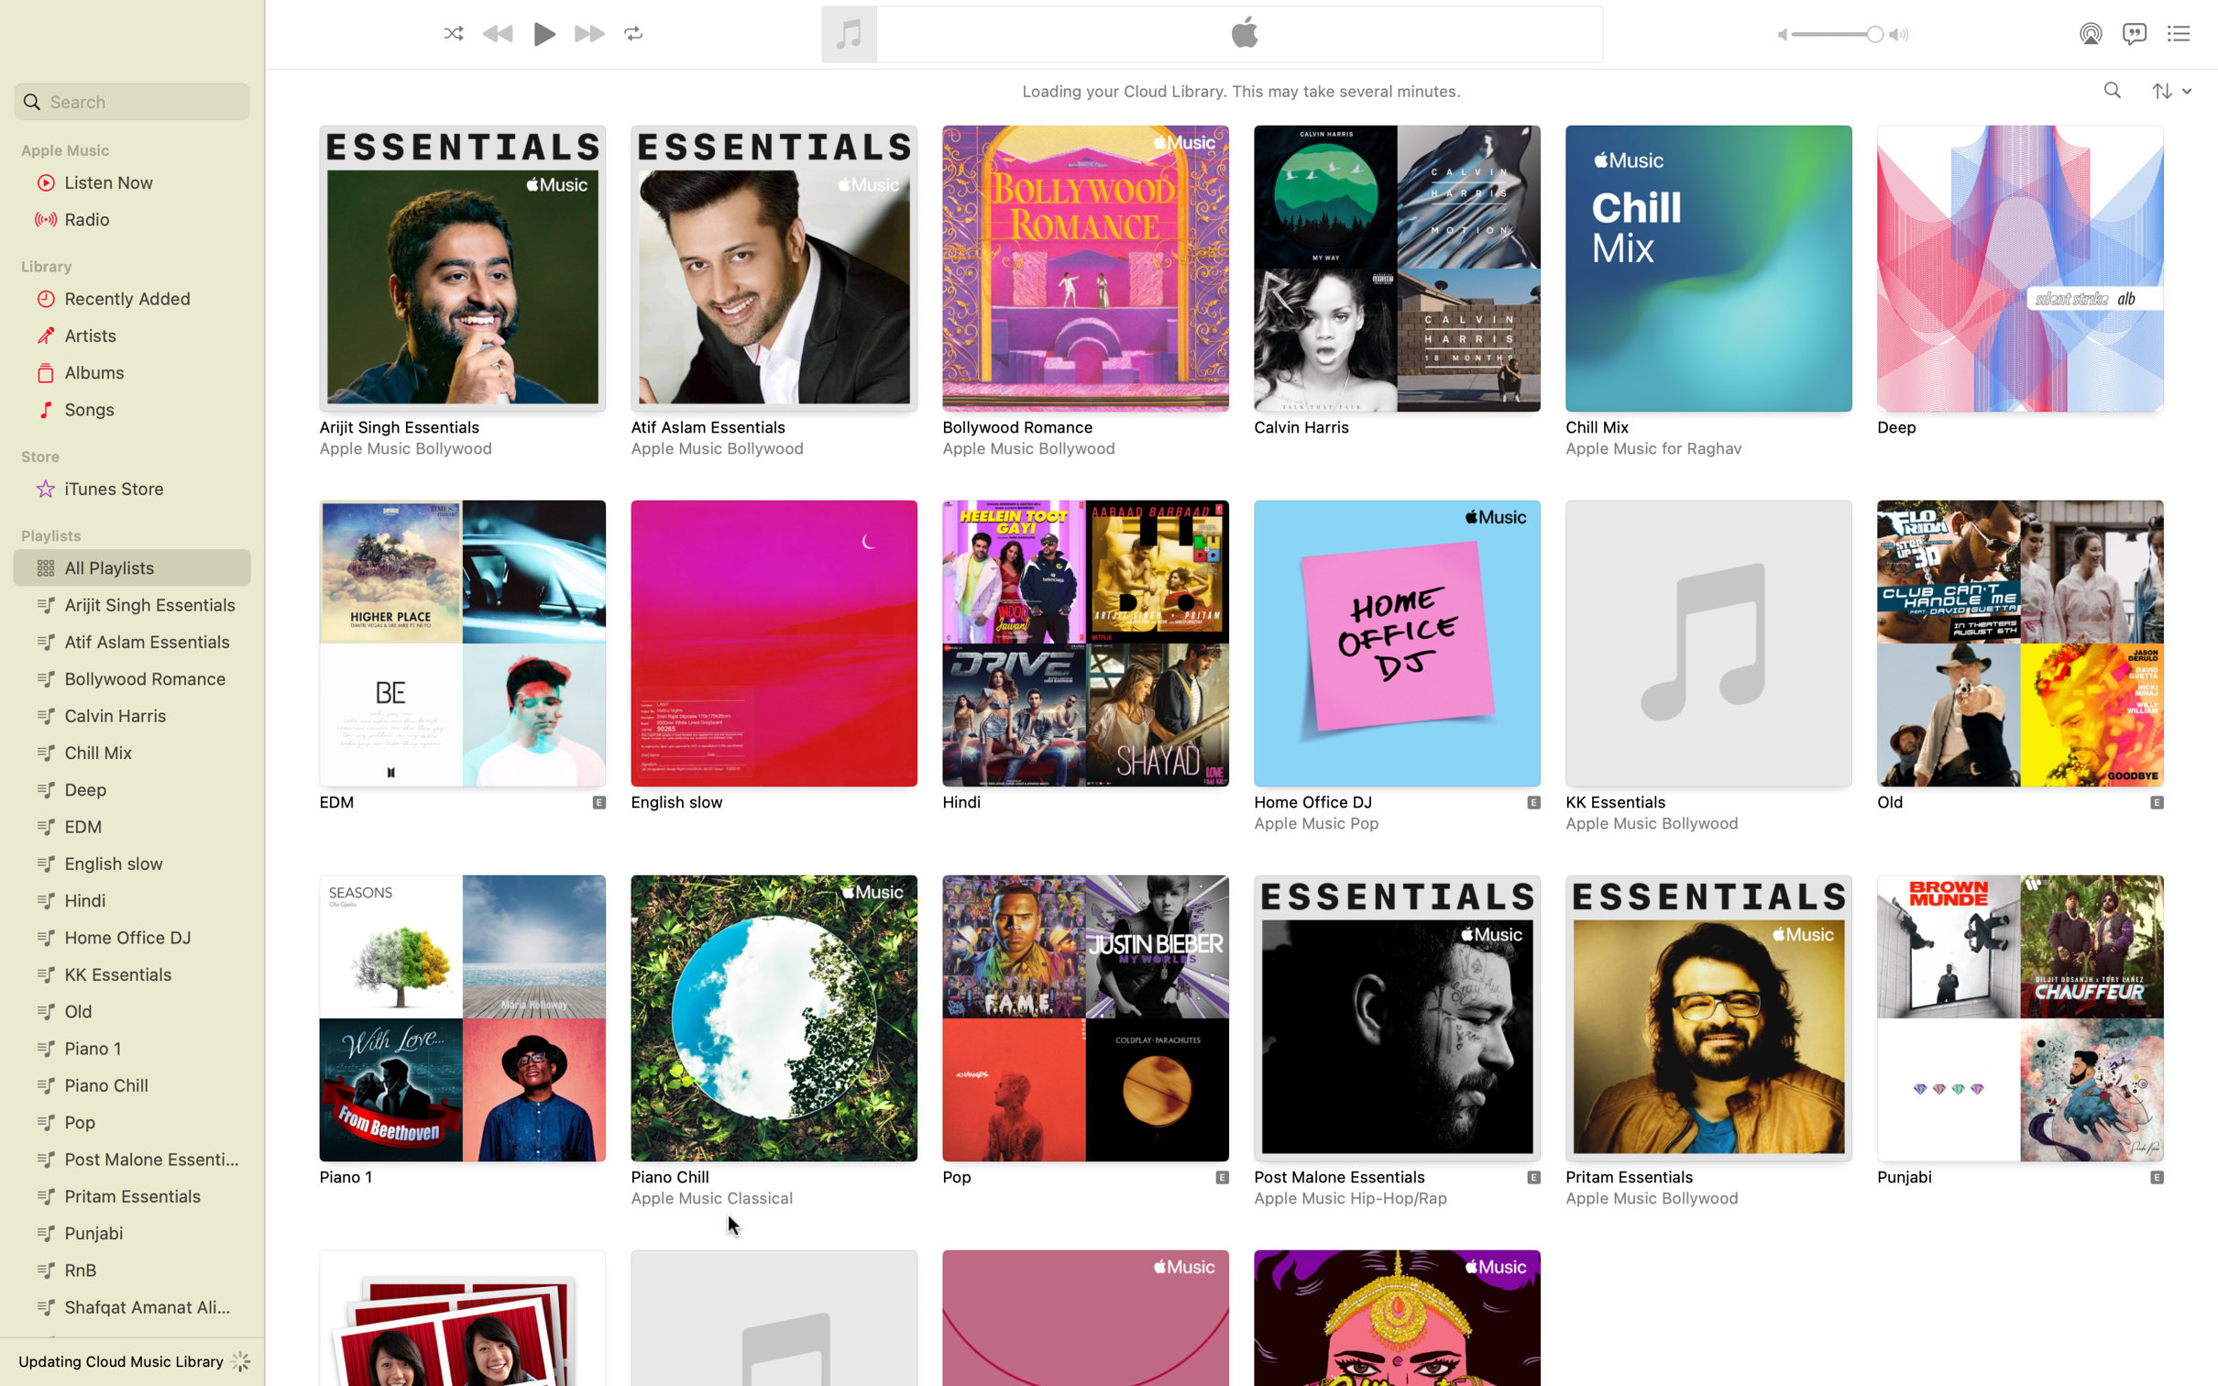 The width and height of the screenshot is (2218, 1386). What do you see at coordinates (2170, 89) in the screenshot?
I see `a descending order sort on the playlist titles` at bounding box center [2170, 89].